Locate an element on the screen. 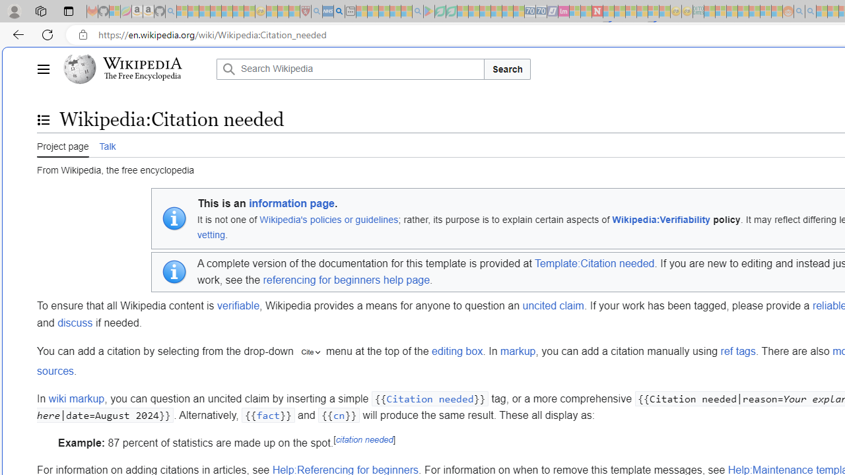 The height and width of the screenshot is (475, 845). 'referencing for beginners help page' is located at coordinates (346, 280).